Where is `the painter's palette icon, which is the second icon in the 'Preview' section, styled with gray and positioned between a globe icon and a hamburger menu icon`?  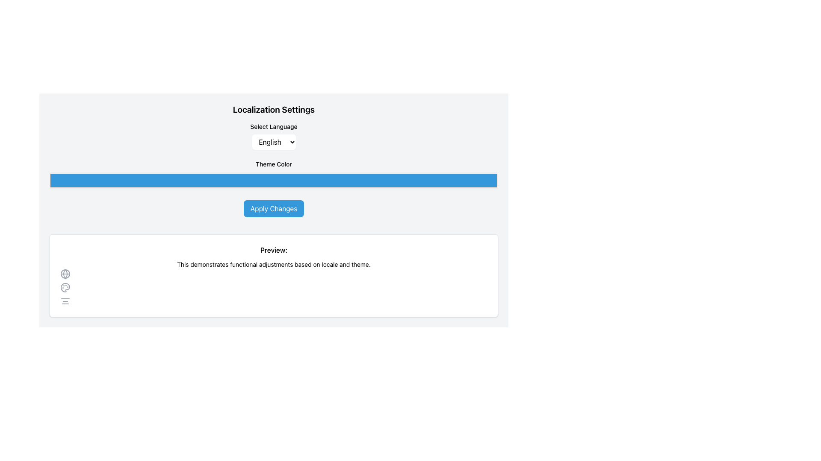
the painter's palette icon, which is the second icon in the 'Preview' section, styled with gray and positioned between a globe icon and a hamburger menu icon is located at coordinates (65, 288).